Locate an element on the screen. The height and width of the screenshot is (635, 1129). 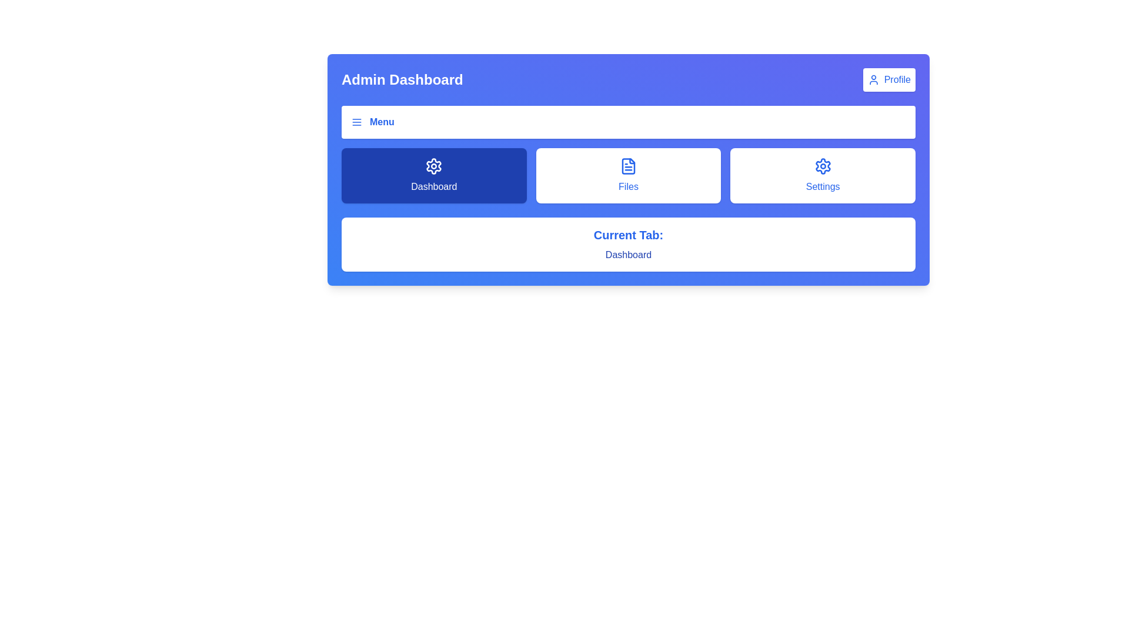
the 'Admin Dashboard' text label element, which is a bold label styled with a large font size located in the top-left quadrant of the interface is located at coordinates (402, 79).